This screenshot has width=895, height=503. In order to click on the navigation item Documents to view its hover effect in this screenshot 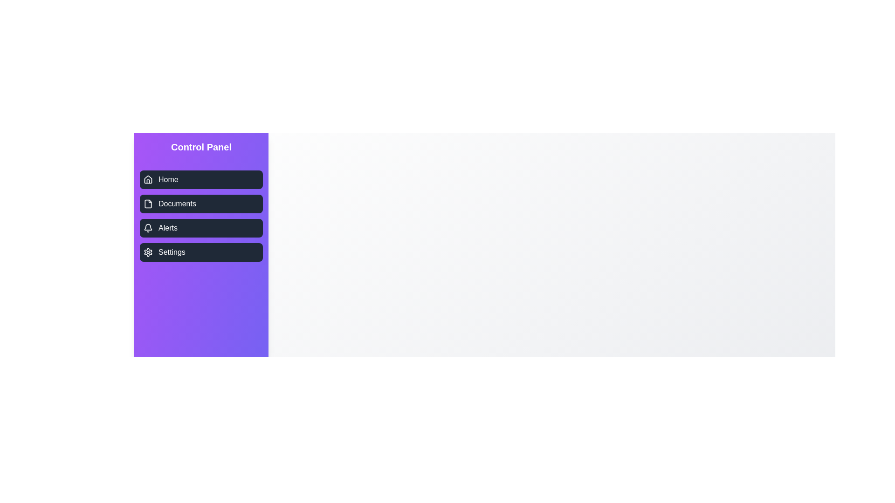, I will do `click(201, 204)`.